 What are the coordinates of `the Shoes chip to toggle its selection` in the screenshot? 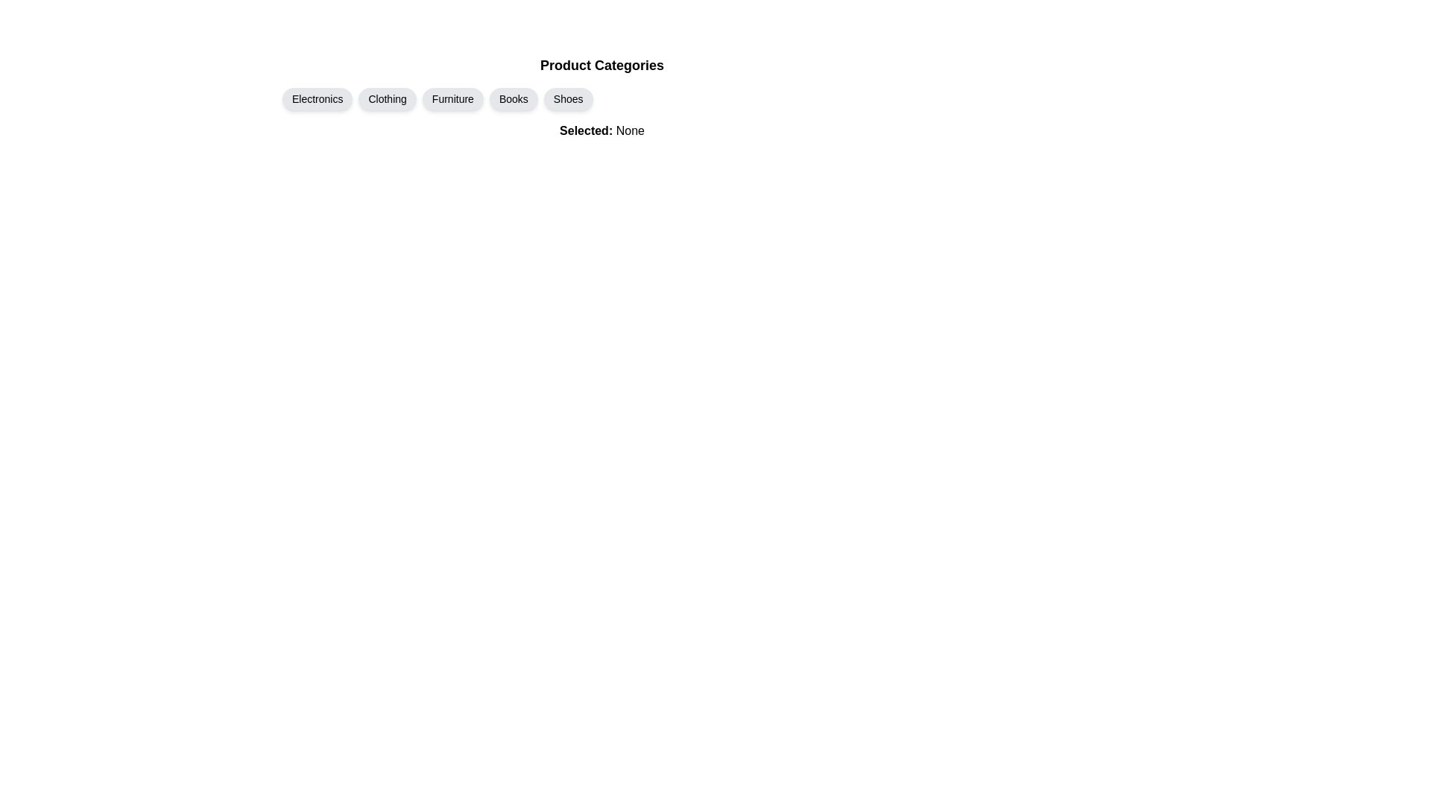 It's located at (568, 98).